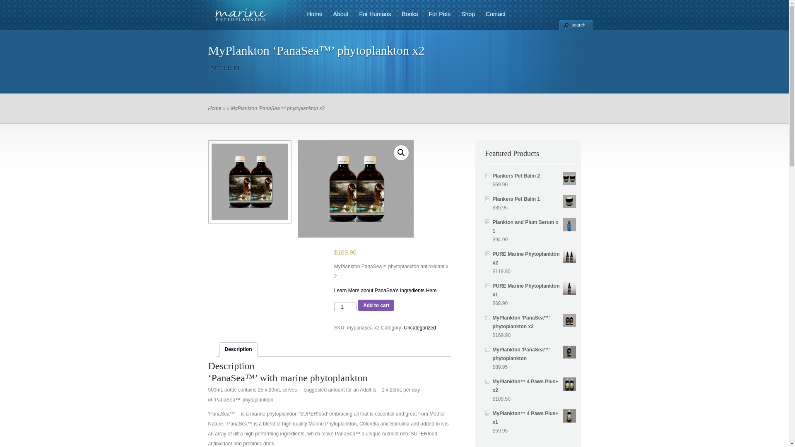  I want to click on 'For Humans', so click(371, 19).